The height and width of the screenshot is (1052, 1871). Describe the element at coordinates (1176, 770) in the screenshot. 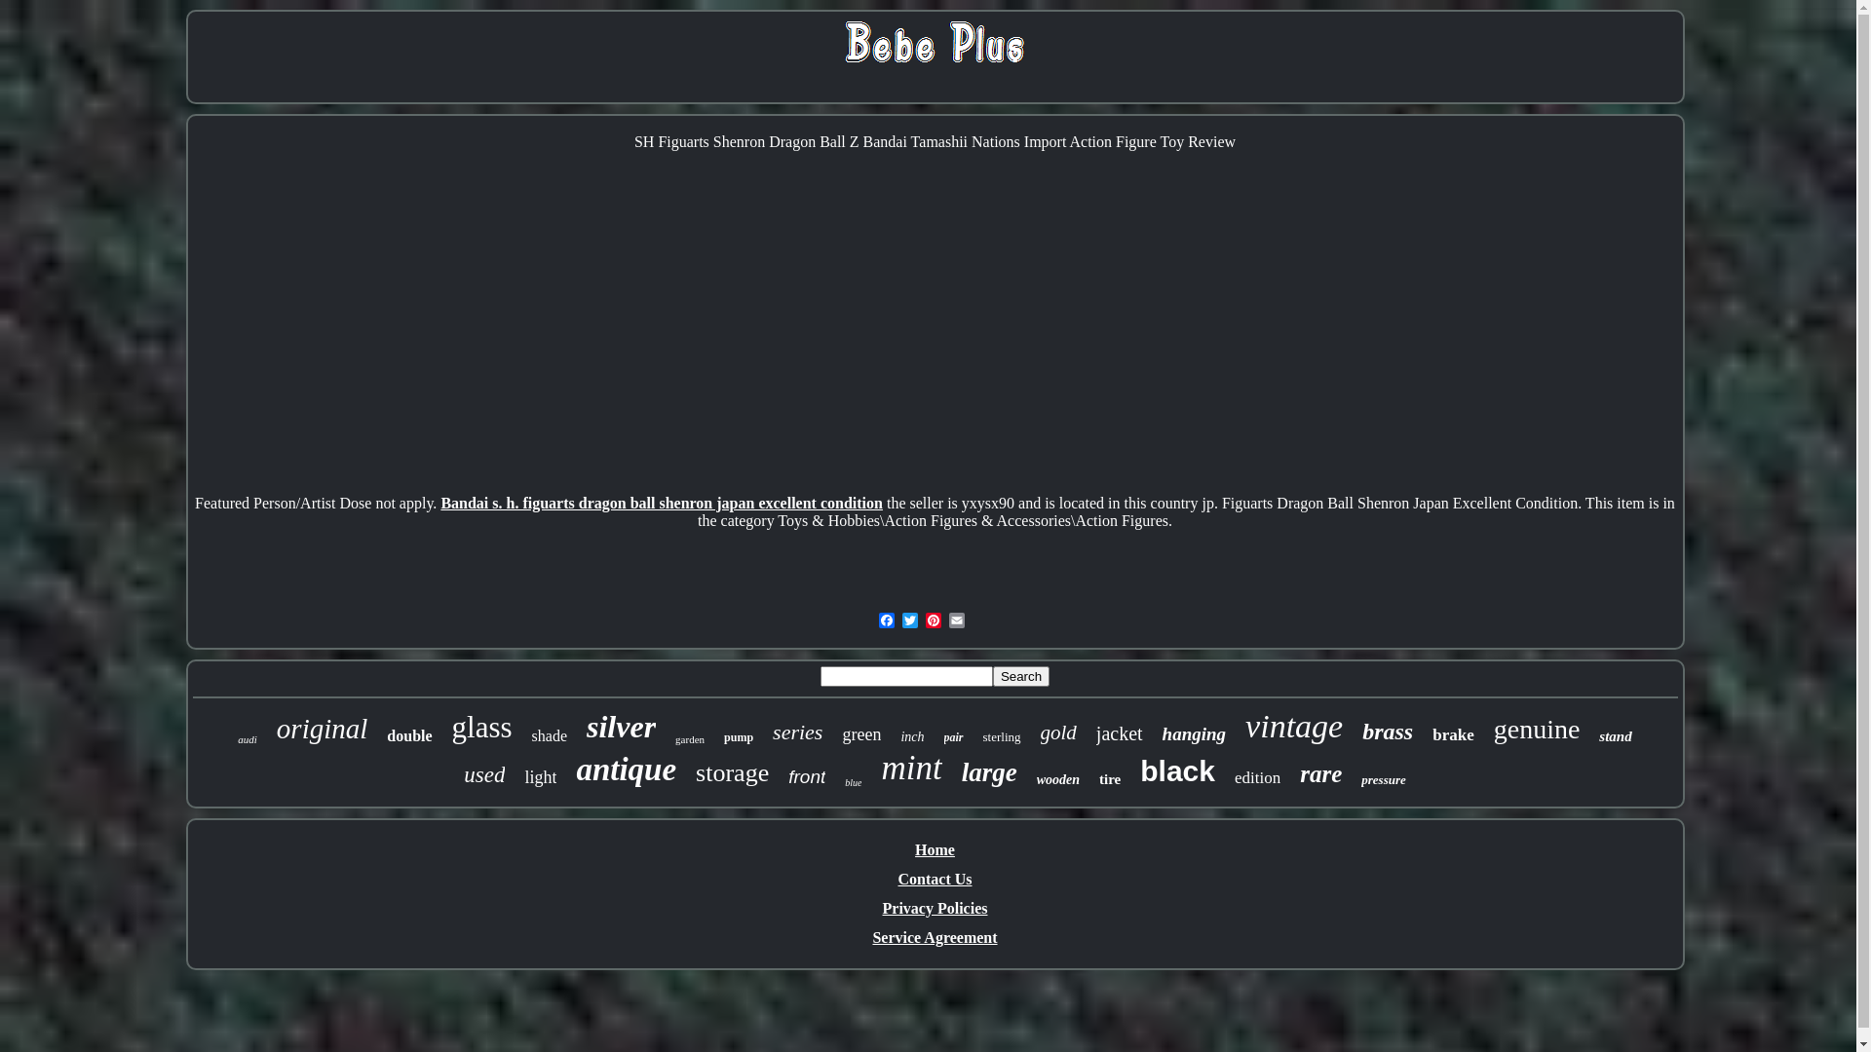

I see `'black'` at that location.